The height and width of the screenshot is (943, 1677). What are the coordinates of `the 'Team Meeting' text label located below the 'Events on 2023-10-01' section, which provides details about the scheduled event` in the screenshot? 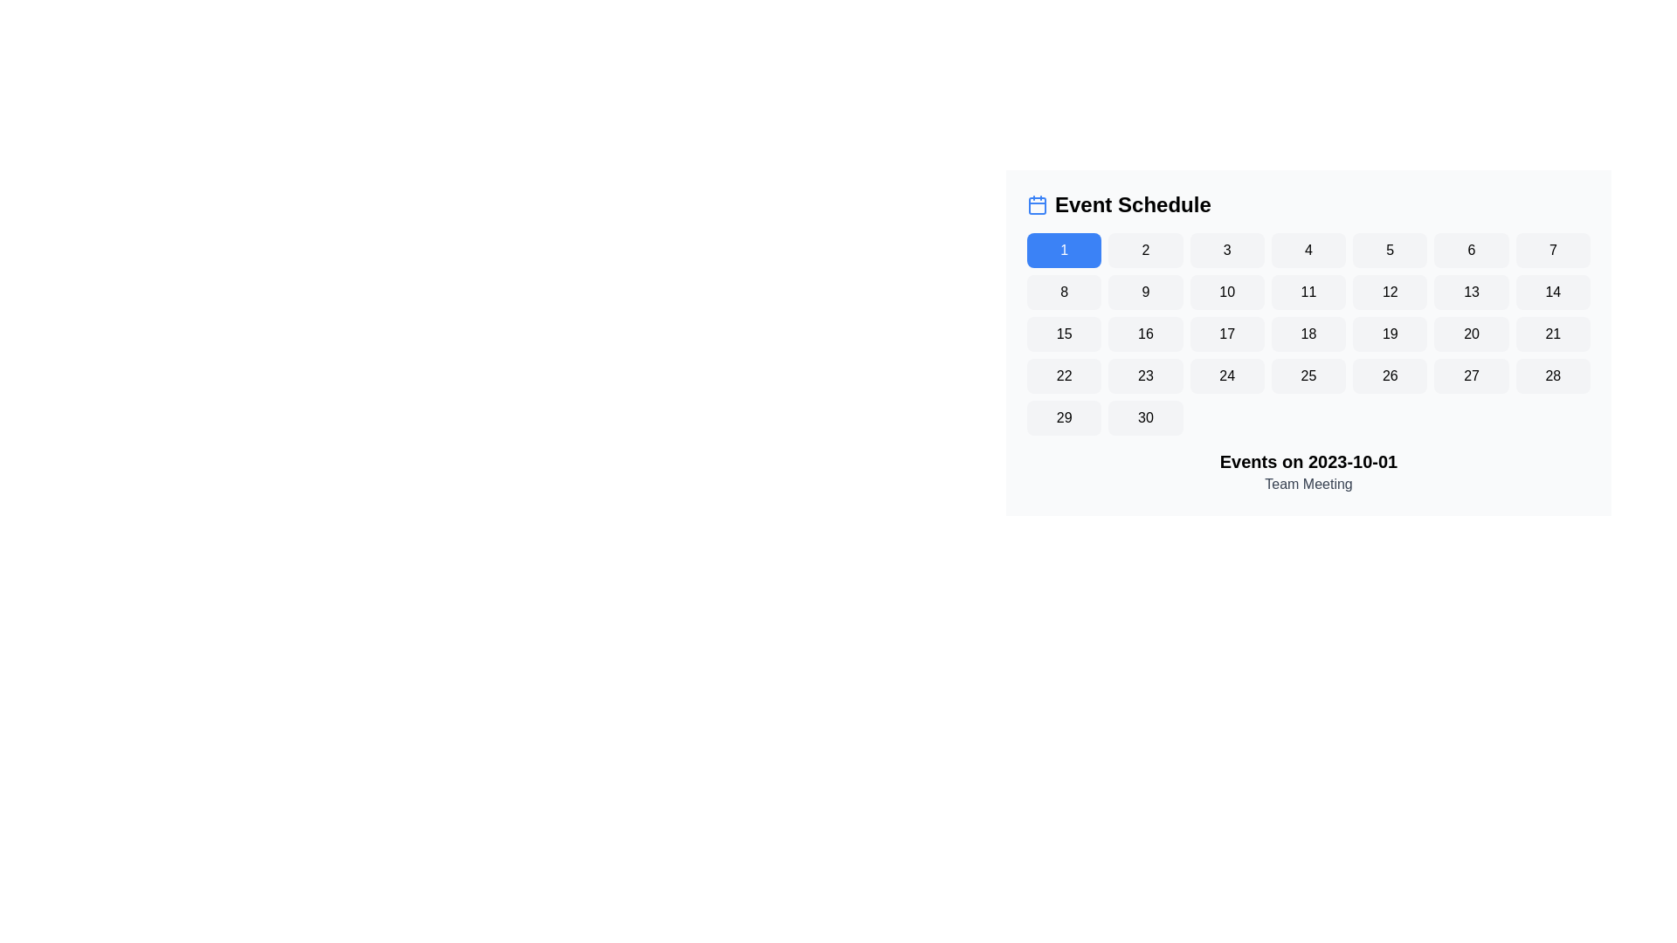 It's located at (1308, 485).